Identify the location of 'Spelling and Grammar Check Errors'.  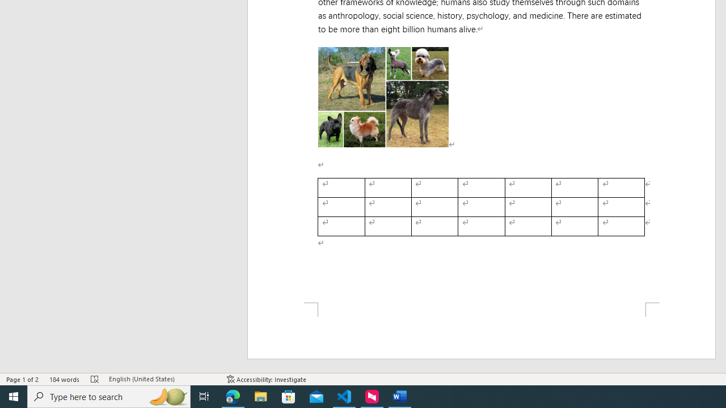
(95, 379).